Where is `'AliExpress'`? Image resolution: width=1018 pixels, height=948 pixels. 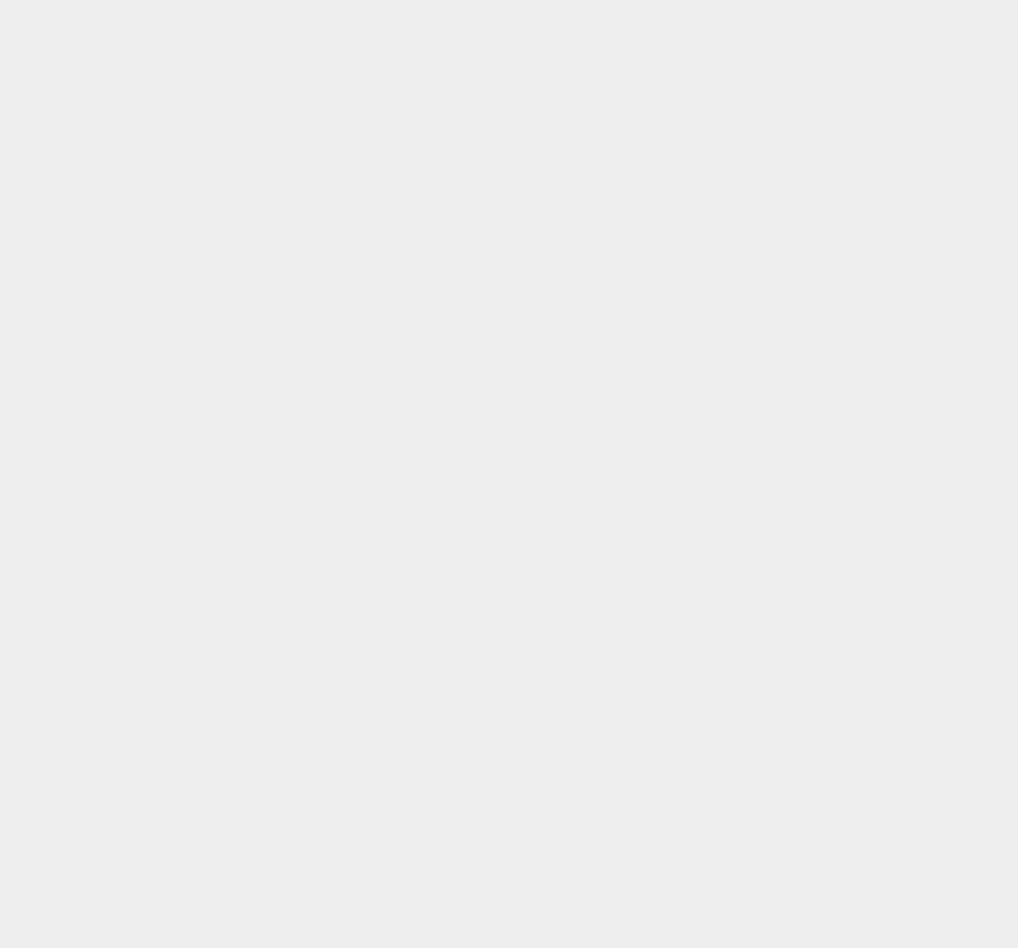 'AliExpress' is located at coordinates (747, 784).